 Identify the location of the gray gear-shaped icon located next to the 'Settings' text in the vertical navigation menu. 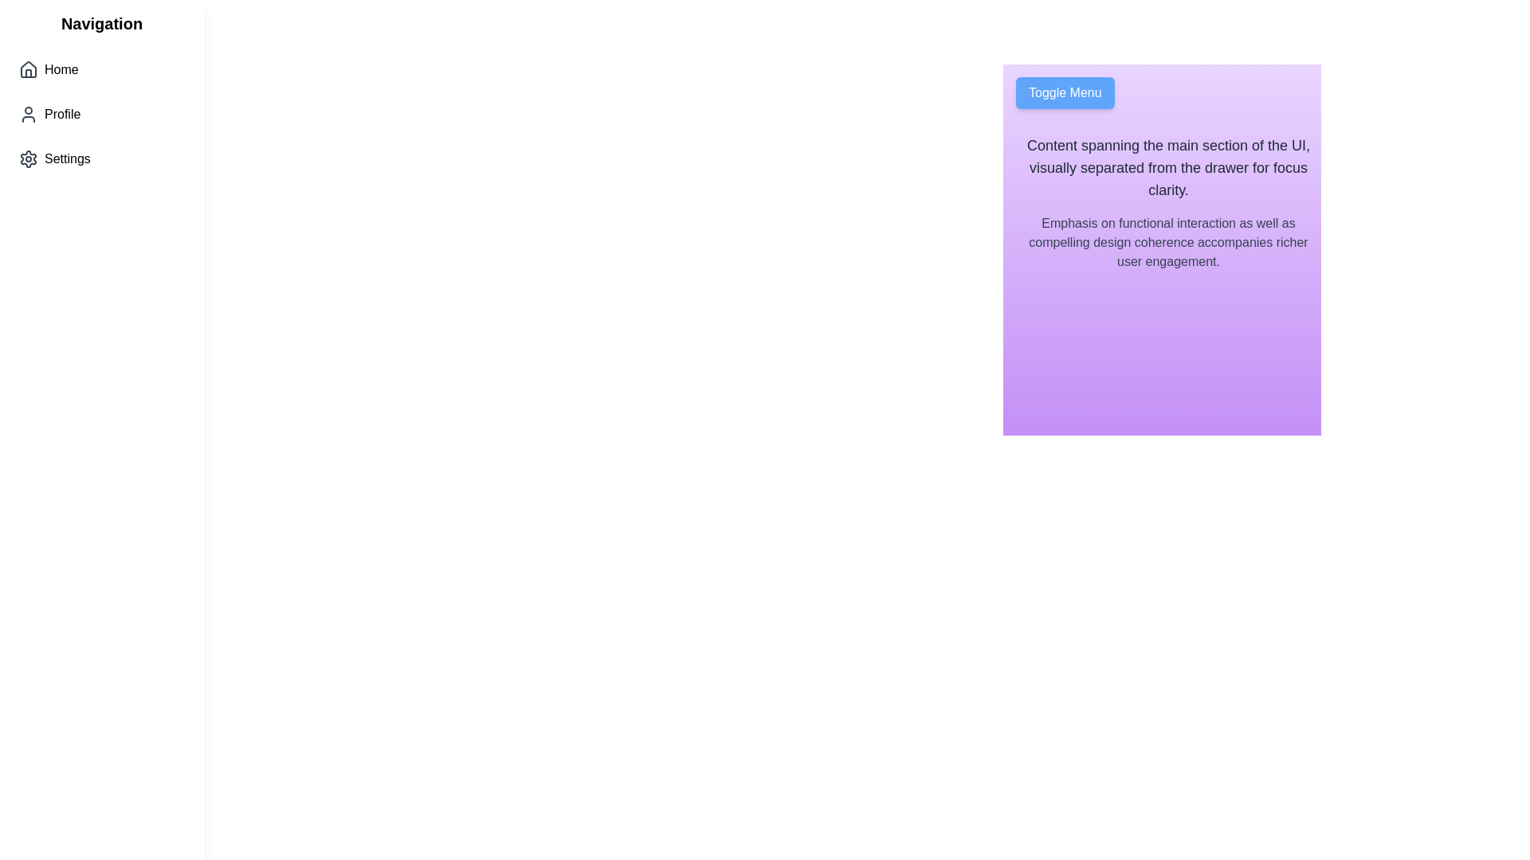
(28, 159).